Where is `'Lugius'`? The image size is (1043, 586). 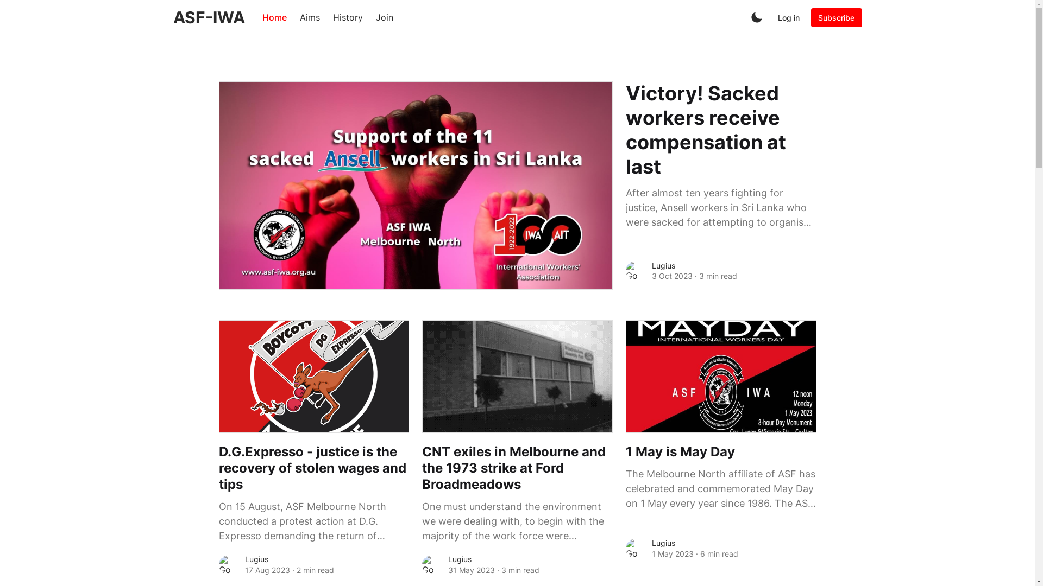 'Lugius' is located at coordinates (460, 559).